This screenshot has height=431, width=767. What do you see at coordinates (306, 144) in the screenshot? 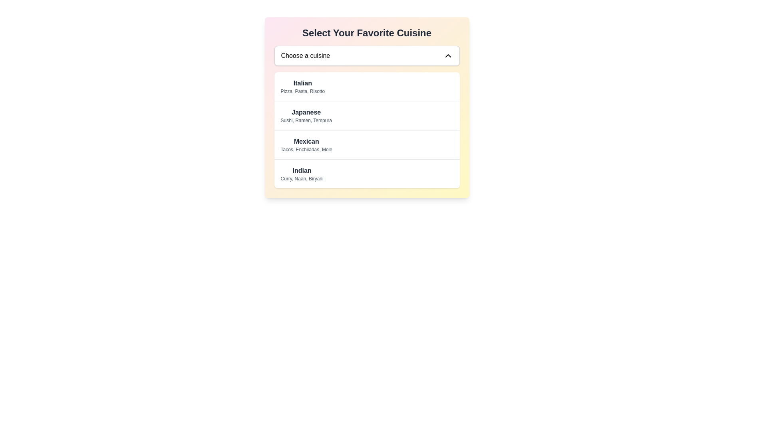
I see `the 'Mexican' cuisine option in the selectable list` at bounding box center [306, 144].